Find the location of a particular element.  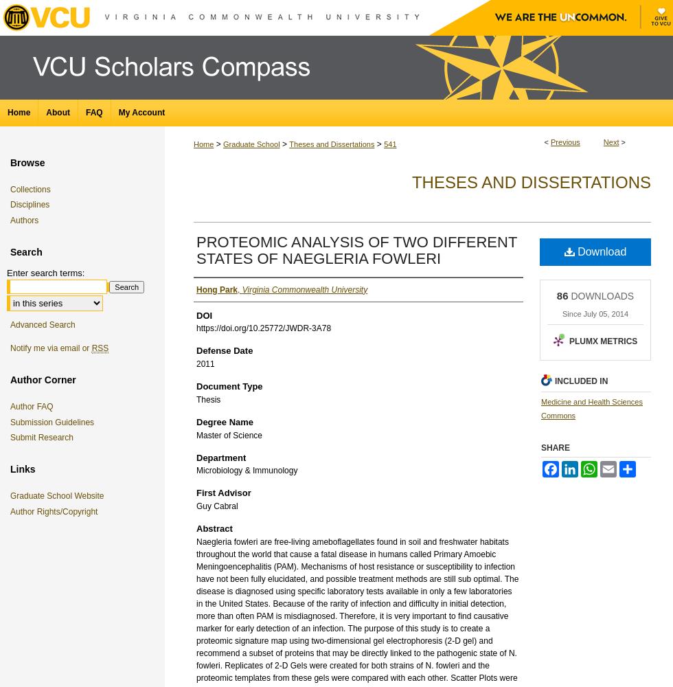

'Virginia Commonwealth University' is located at coordinates (304, 289).